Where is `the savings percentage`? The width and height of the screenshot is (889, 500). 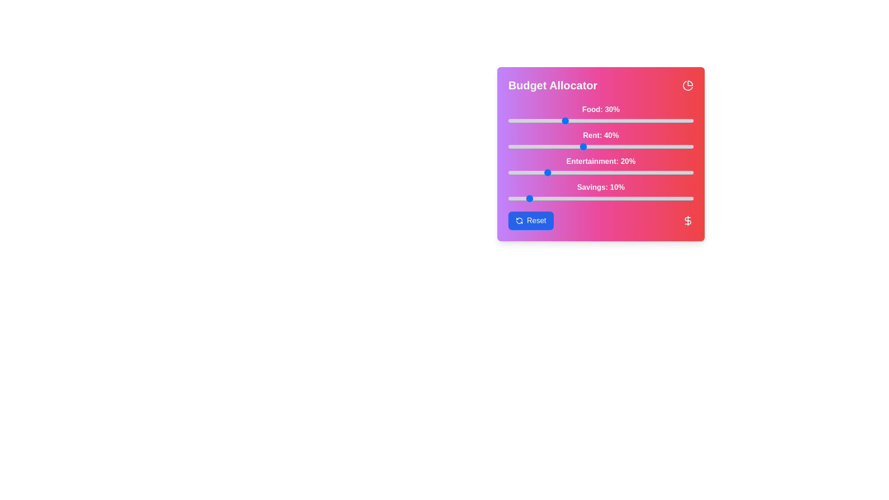 the savings percentage is located at coordinates (607, 198).